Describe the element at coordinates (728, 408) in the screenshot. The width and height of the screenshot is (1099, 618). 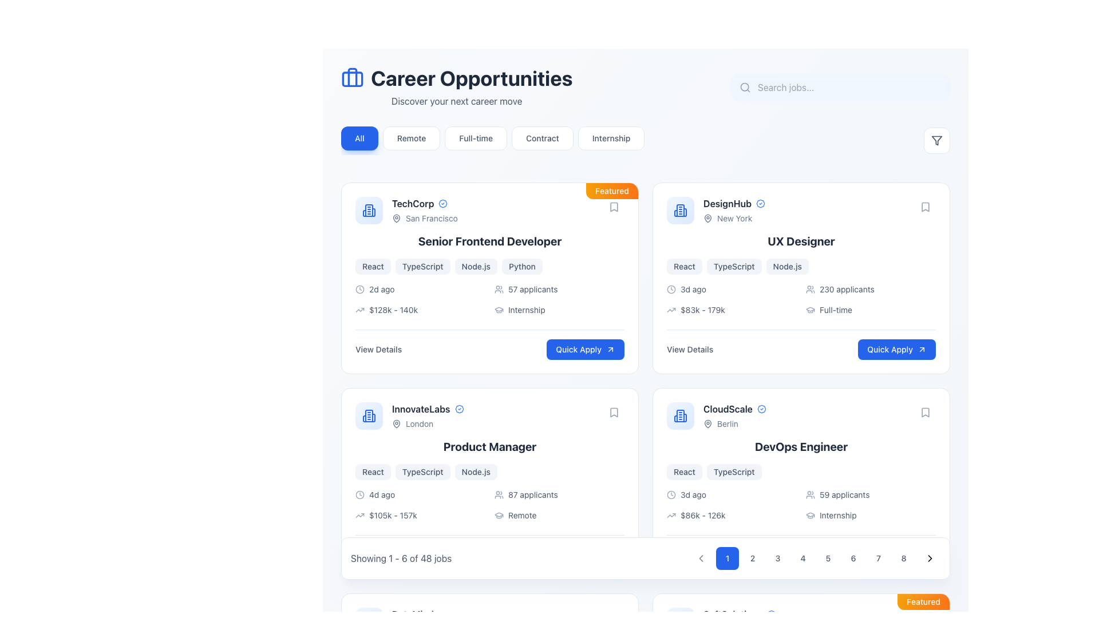
I see `the 'CloudScale' text label, which is styled in bold dark slate-gray and is part of the 'DevOps Engineer' job listing card, located above the 'Berlin' label and adjacent to a blue checkmark icon` at that location.